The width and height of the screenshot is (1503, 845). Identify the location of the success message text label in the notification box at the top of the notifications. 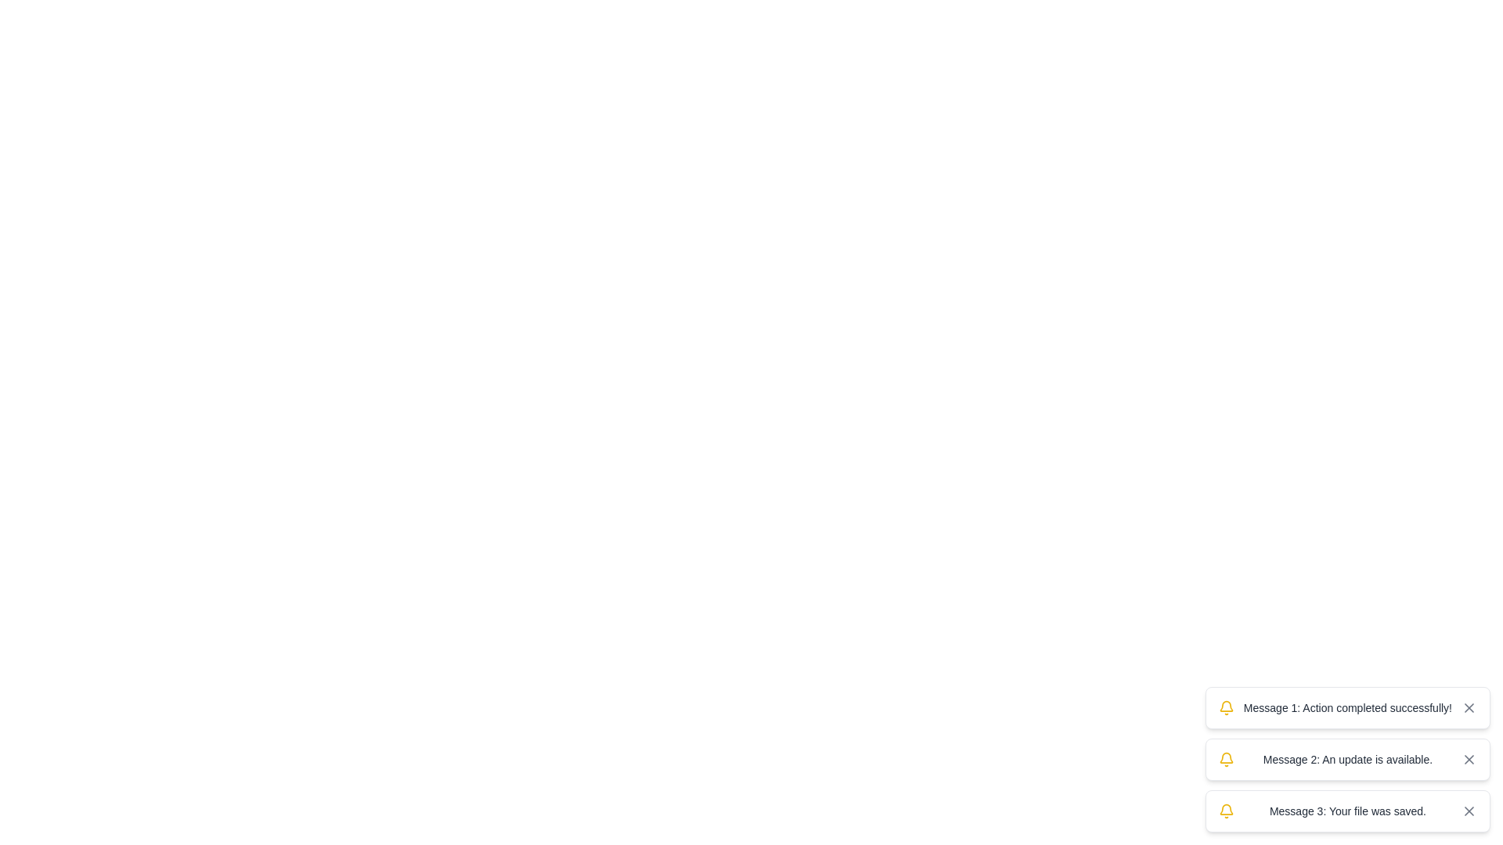
(1346, 708).